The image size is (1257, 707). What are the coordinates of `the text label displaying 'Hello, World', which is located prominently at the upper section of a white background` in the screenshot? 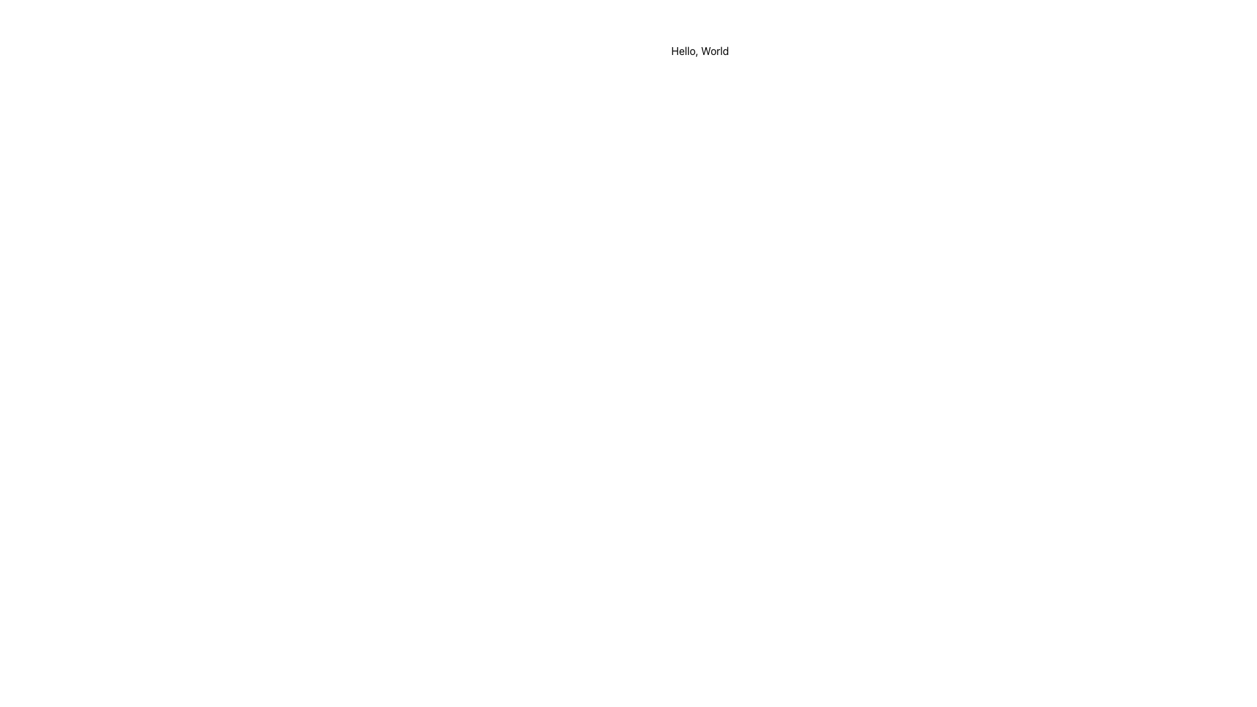 It's located at (699, 50).